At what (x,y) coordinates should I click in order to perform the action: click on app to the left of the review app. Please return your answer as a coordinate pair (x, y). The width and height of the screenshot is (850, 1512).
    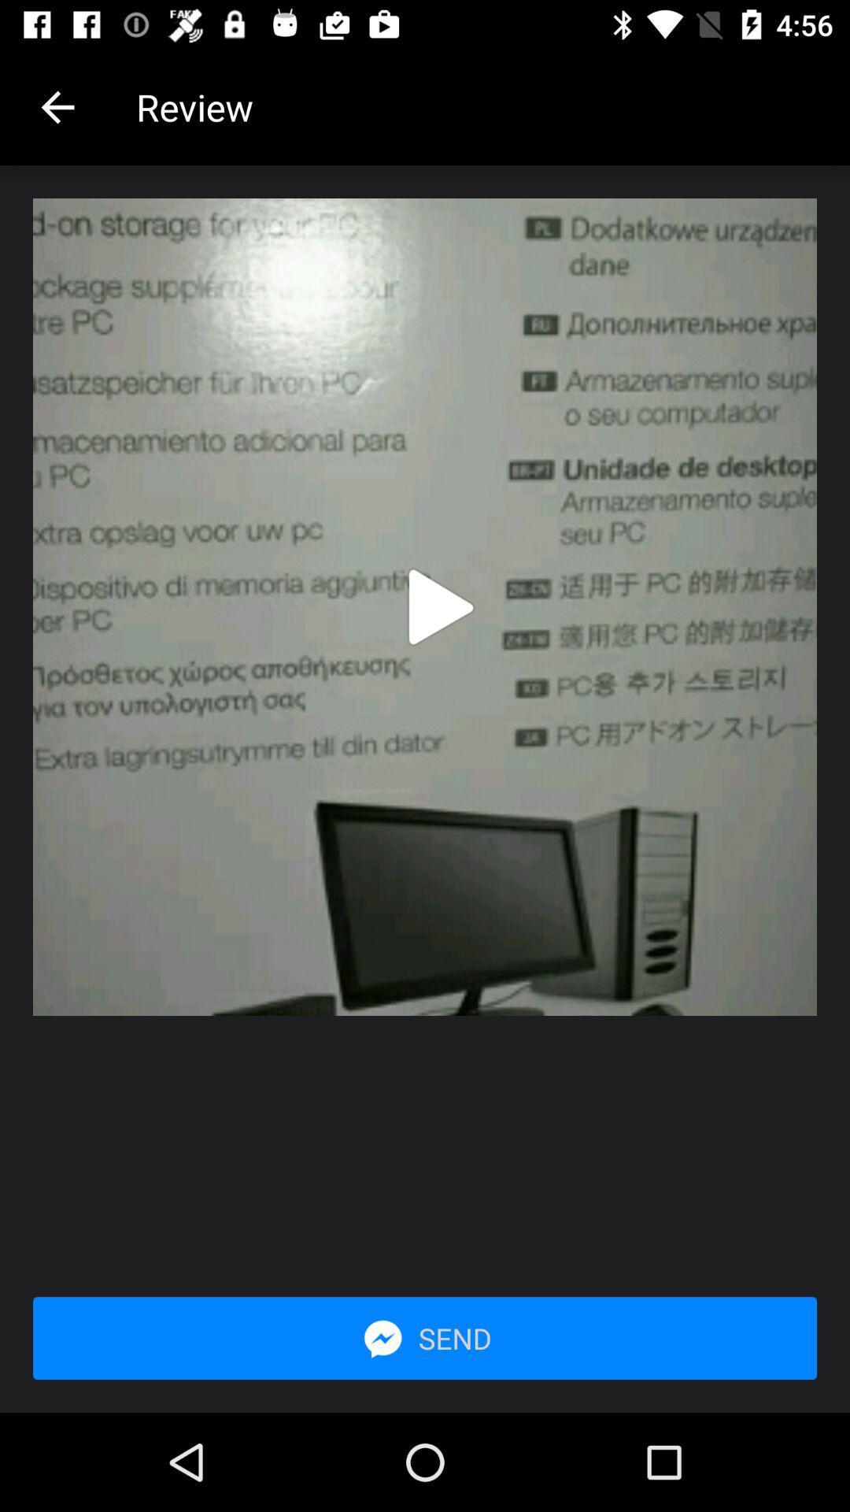
    Looking at the image, I should click on (57, 106).